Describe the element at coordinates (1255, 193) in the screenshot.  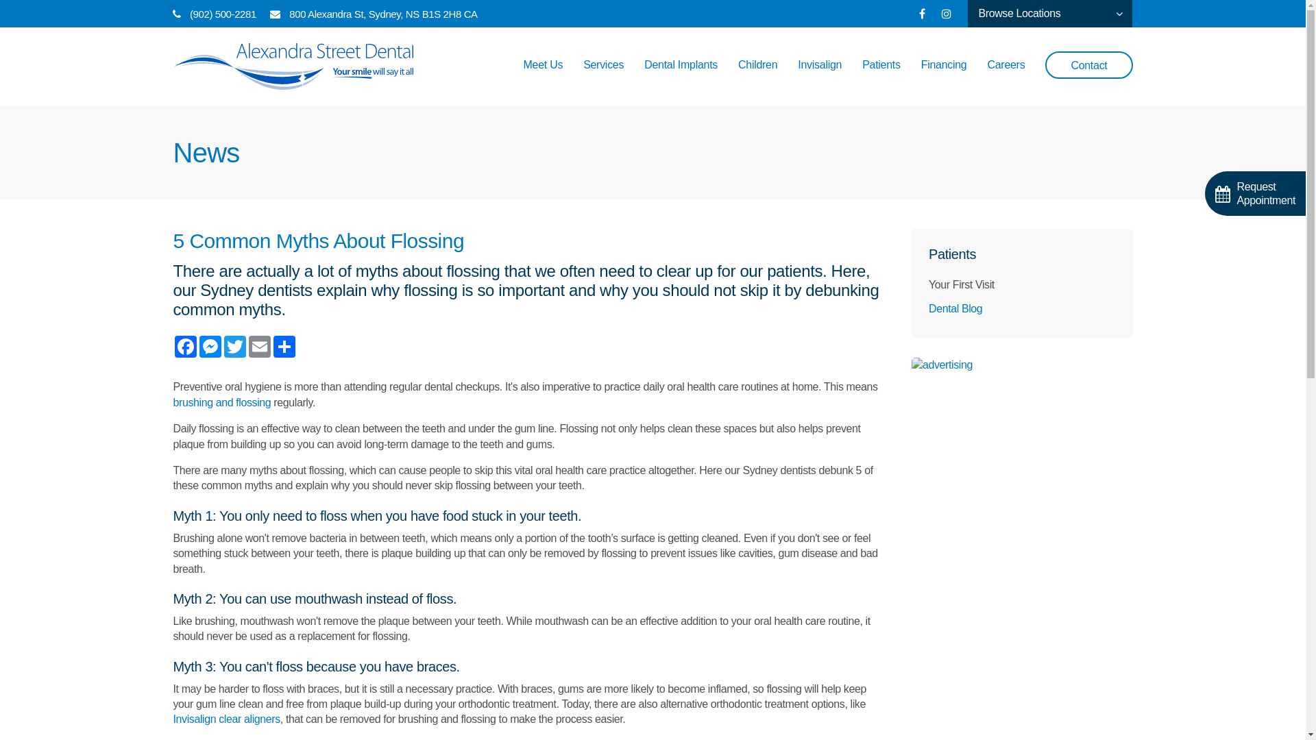
I see `'Request` at that location.